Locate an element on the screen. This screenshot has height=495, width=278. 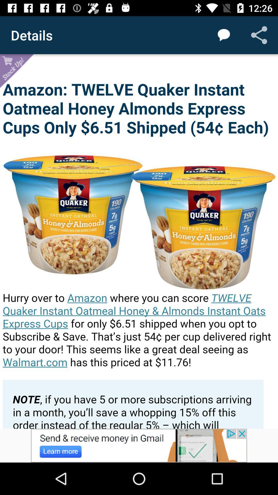
open advertisement is located at coordinates (139, 445).